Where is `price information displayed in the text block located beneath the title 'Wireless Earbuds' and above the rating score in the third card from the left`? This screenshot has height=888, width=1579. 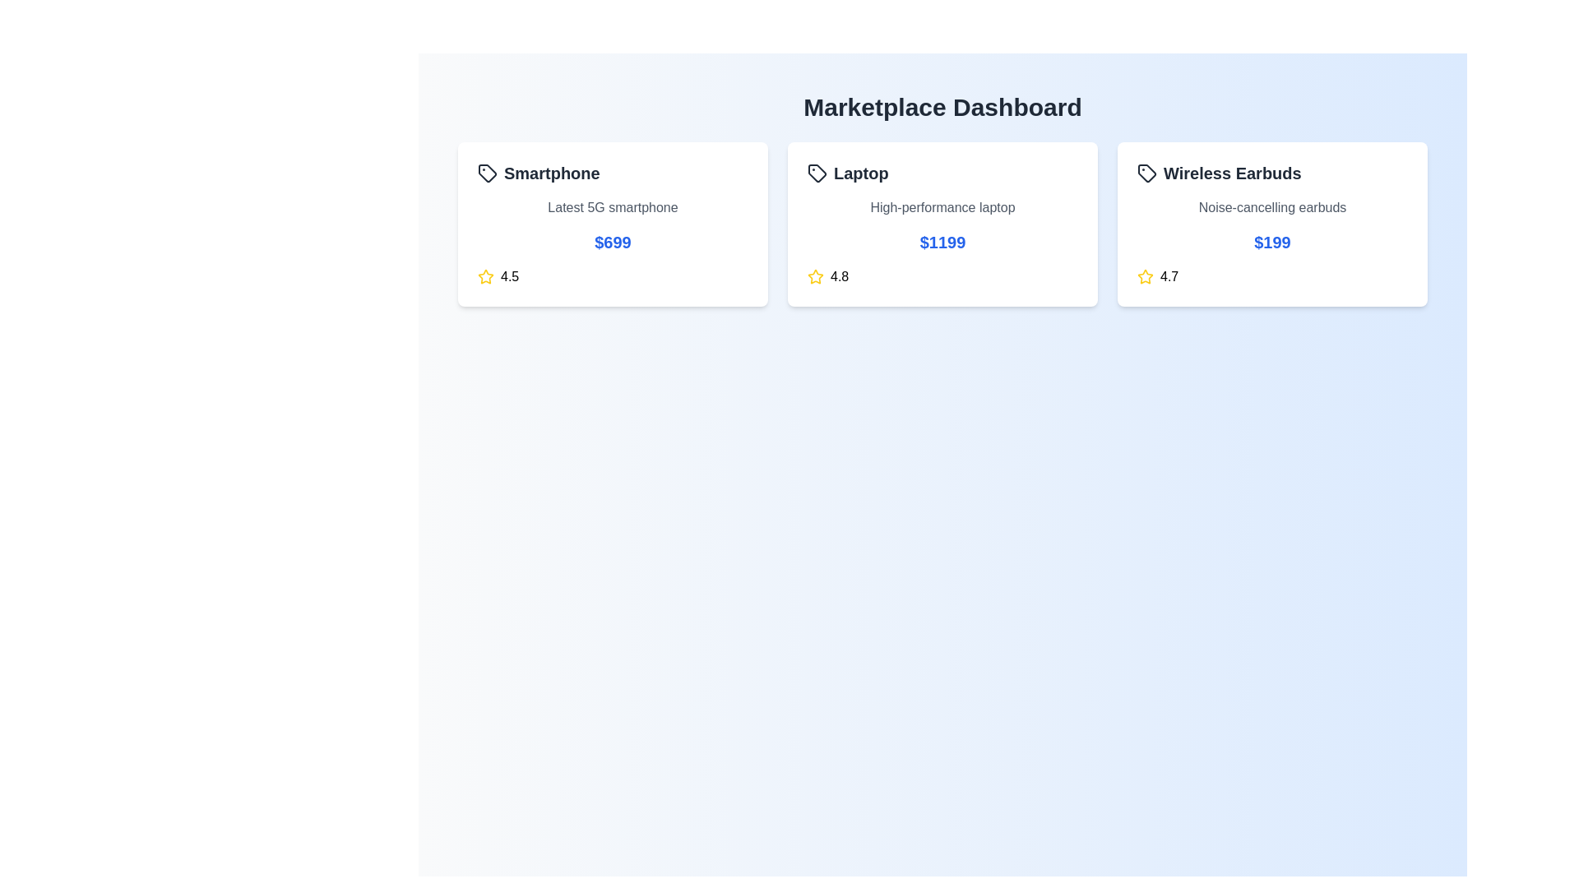 price information displayed in the text block located beneath the title 'Wireless Earbuds' and above the rating score in the third card from the left is located at coordinates (1271, 242).